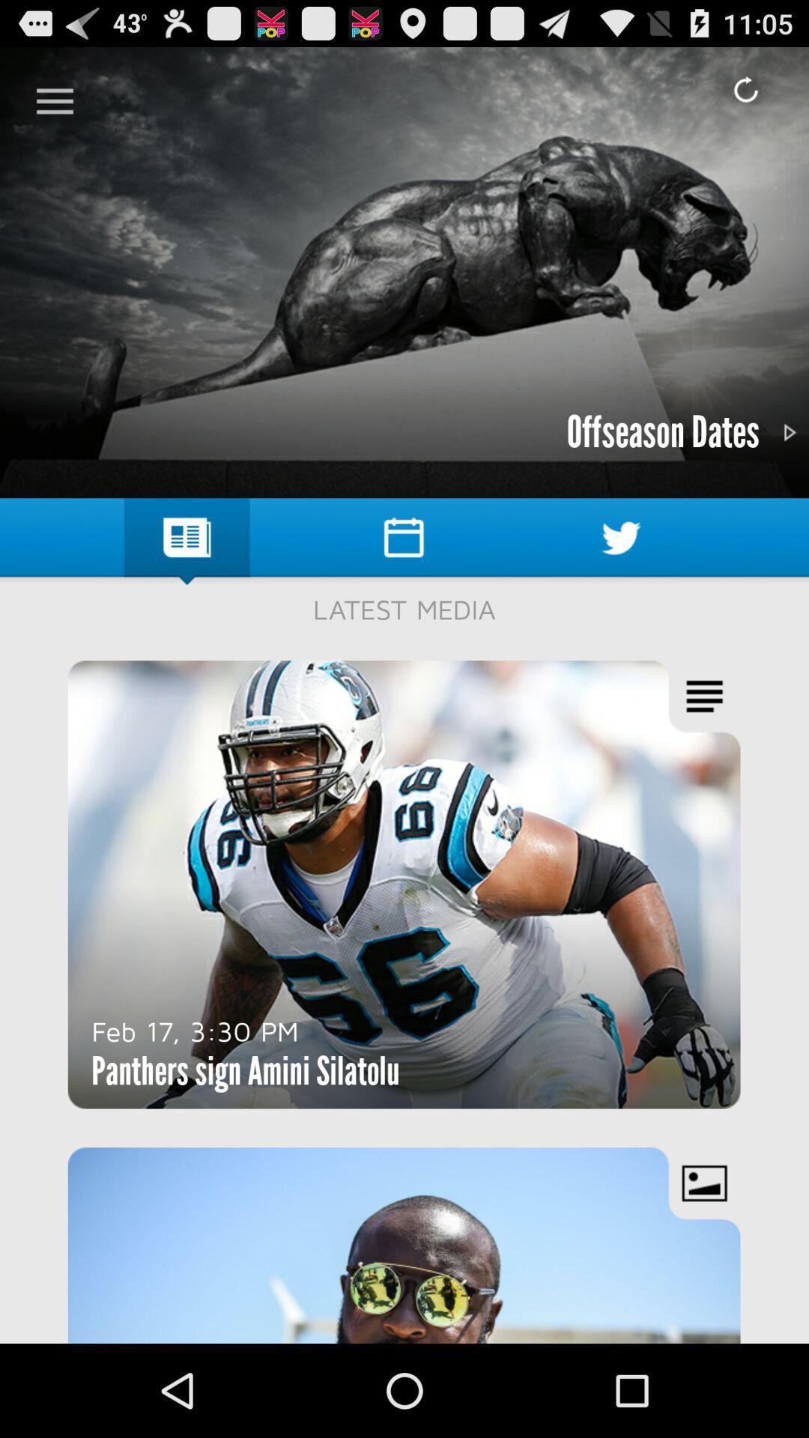 This screenshot has width=809, height=1438. Describe the element at coordinates (404, 885) in the screenshot. I see `second image from top` at that location.